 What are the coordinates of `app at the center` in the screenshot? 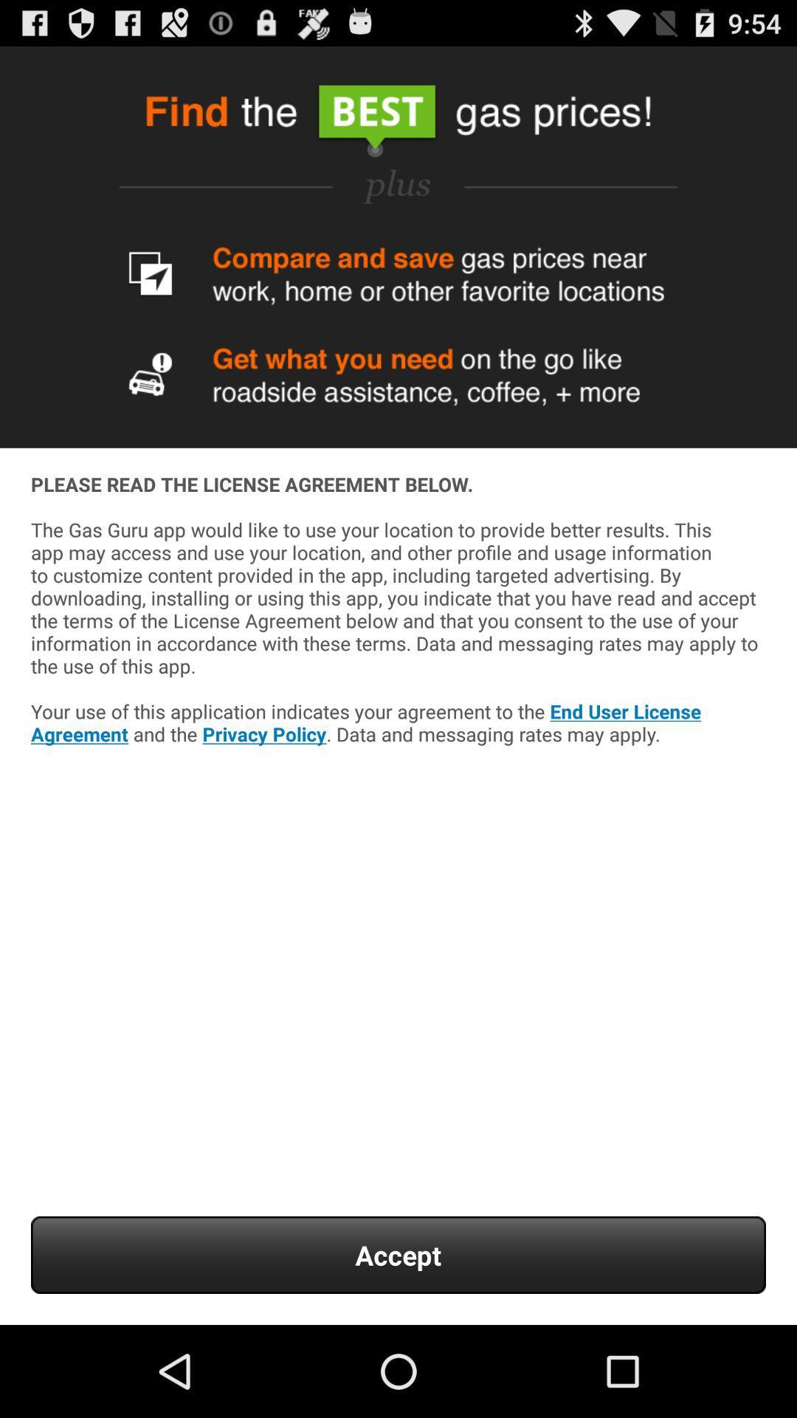 It's located at (398, 651).